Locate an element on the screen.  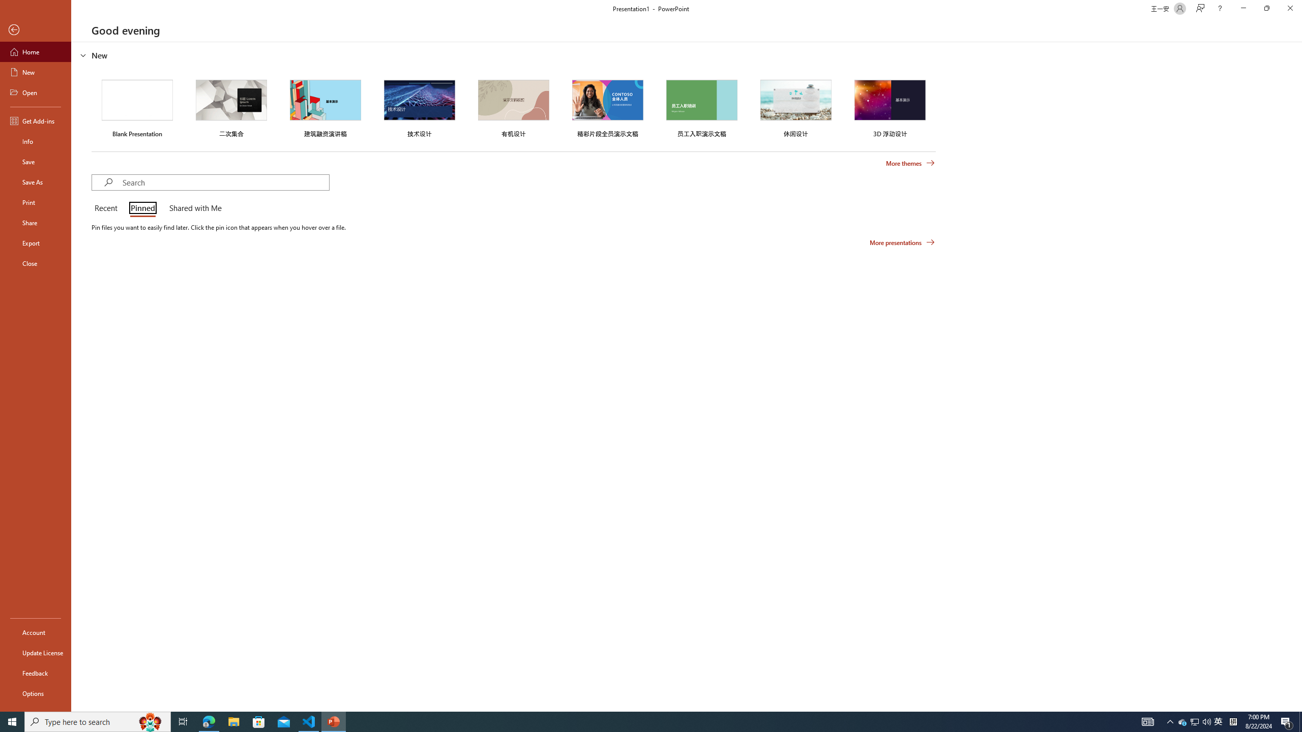
'Print' is located at coordinates (35, 202).